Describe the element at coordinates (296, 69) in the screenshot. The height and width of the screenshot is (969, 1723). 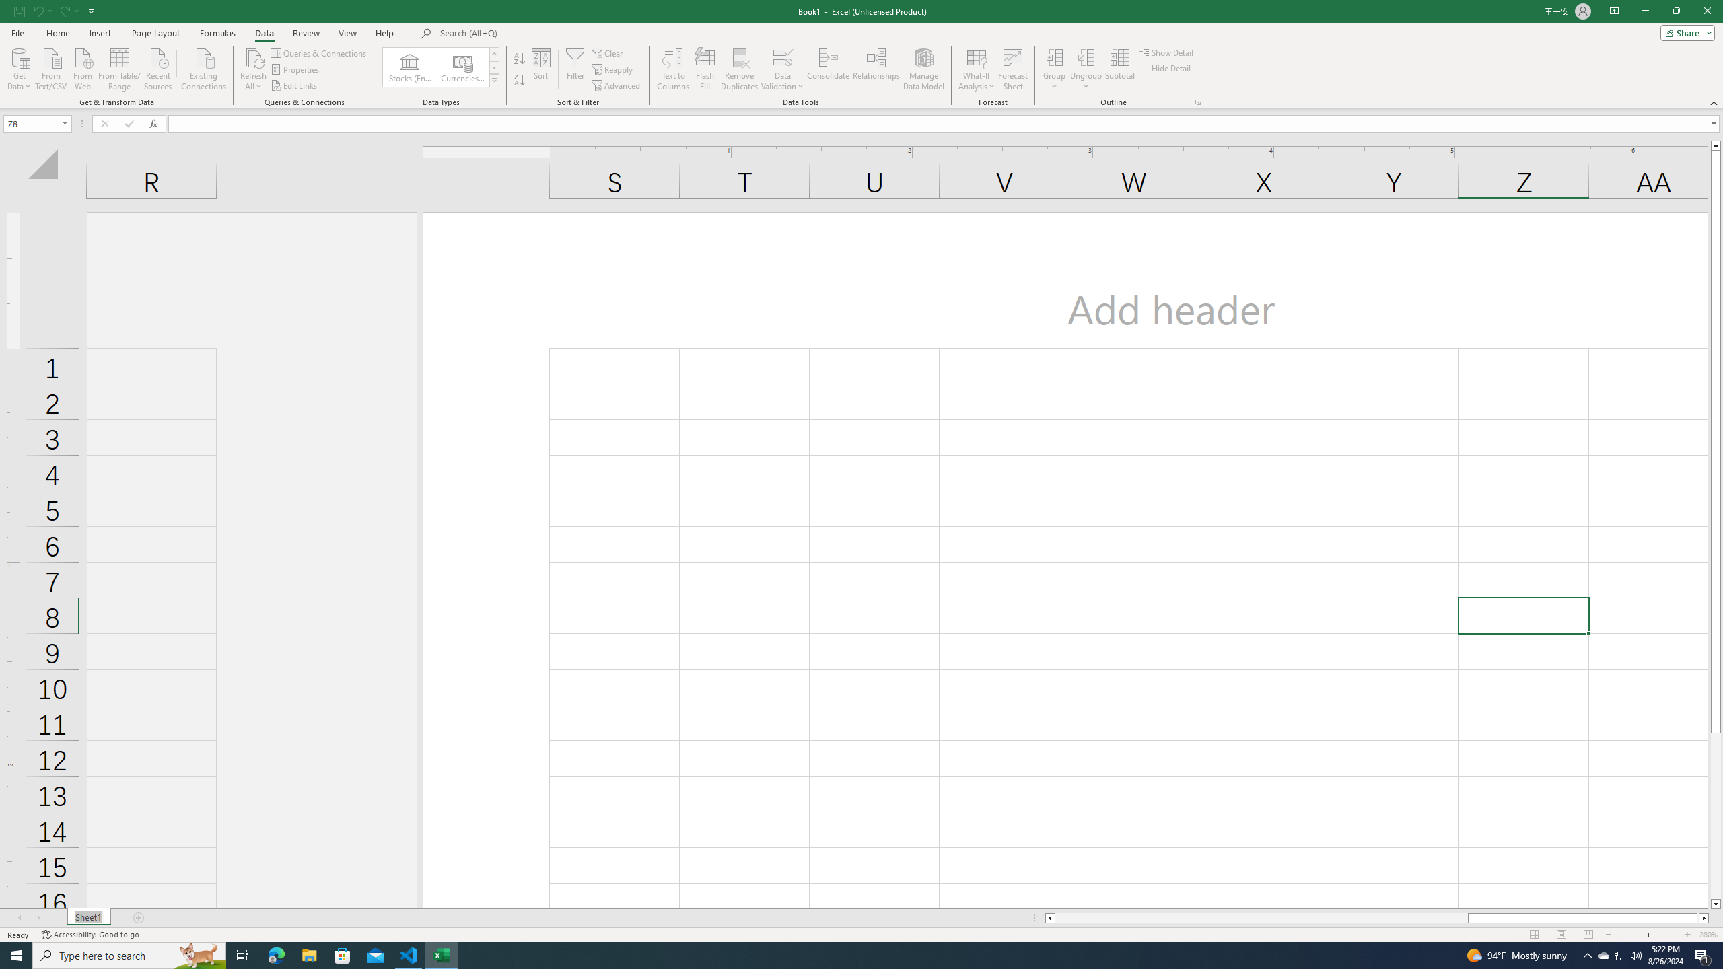
I see `'Properties'` at that location.